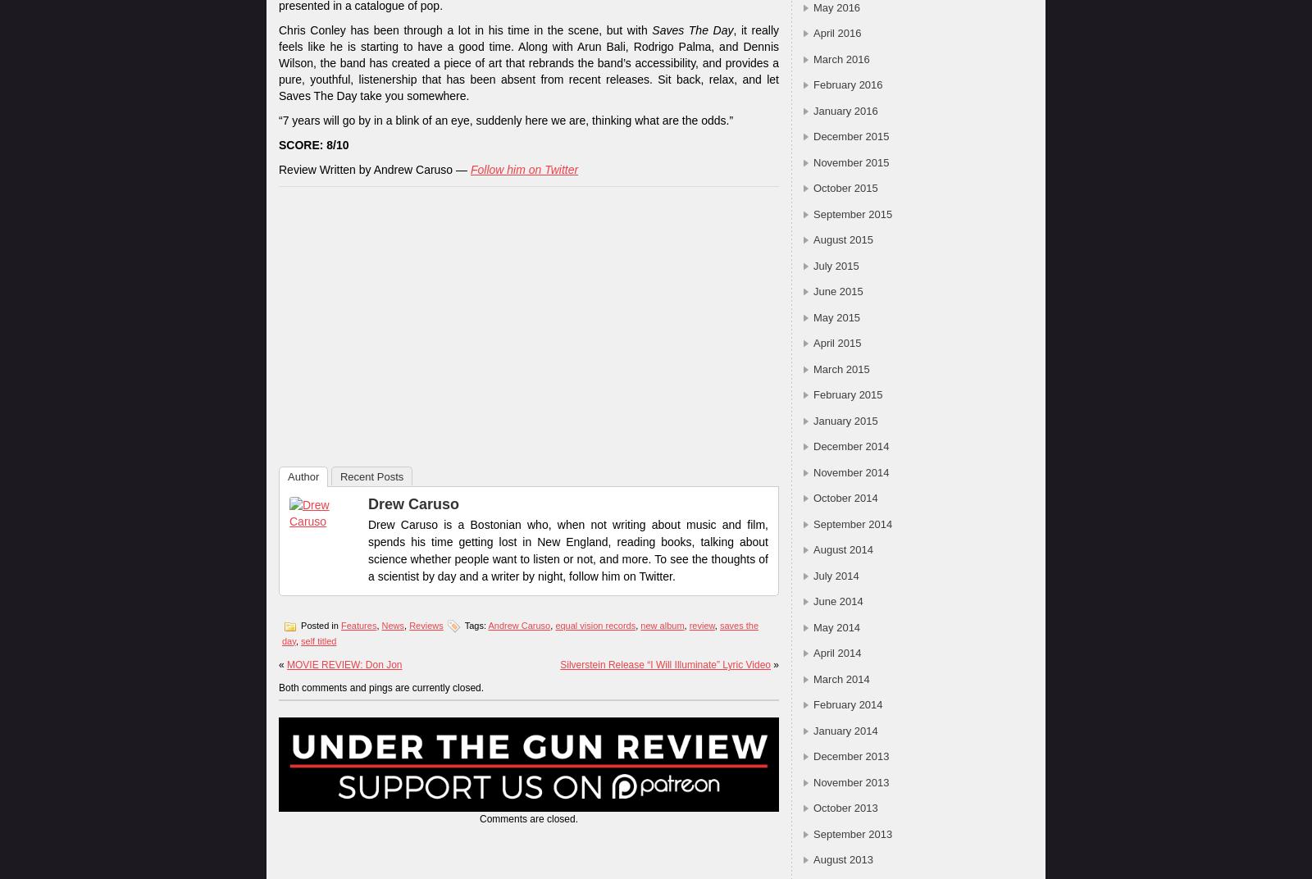  What do you see at coordinates (843, 859) in the screenshot?
I see `'August 2013'` at bounding box center [843, 859].